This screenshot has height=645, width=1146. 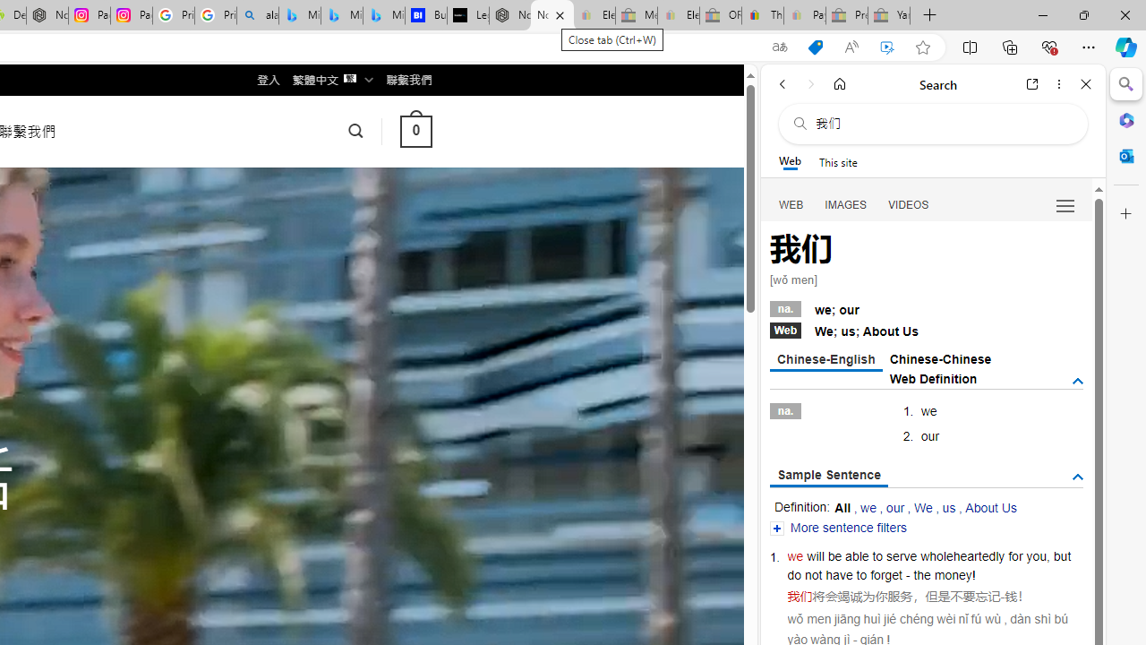 I want to click on '!', so click(x=973, y=575).